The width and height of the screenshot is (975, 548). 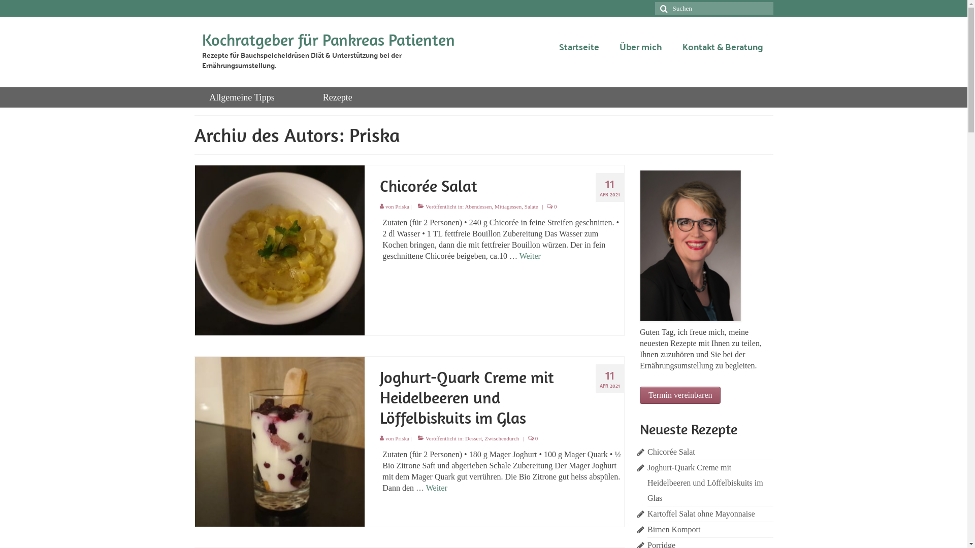 I want to click on 'Kartoffel Salat ohne Mayonnaise', so click(x=701, y=513).